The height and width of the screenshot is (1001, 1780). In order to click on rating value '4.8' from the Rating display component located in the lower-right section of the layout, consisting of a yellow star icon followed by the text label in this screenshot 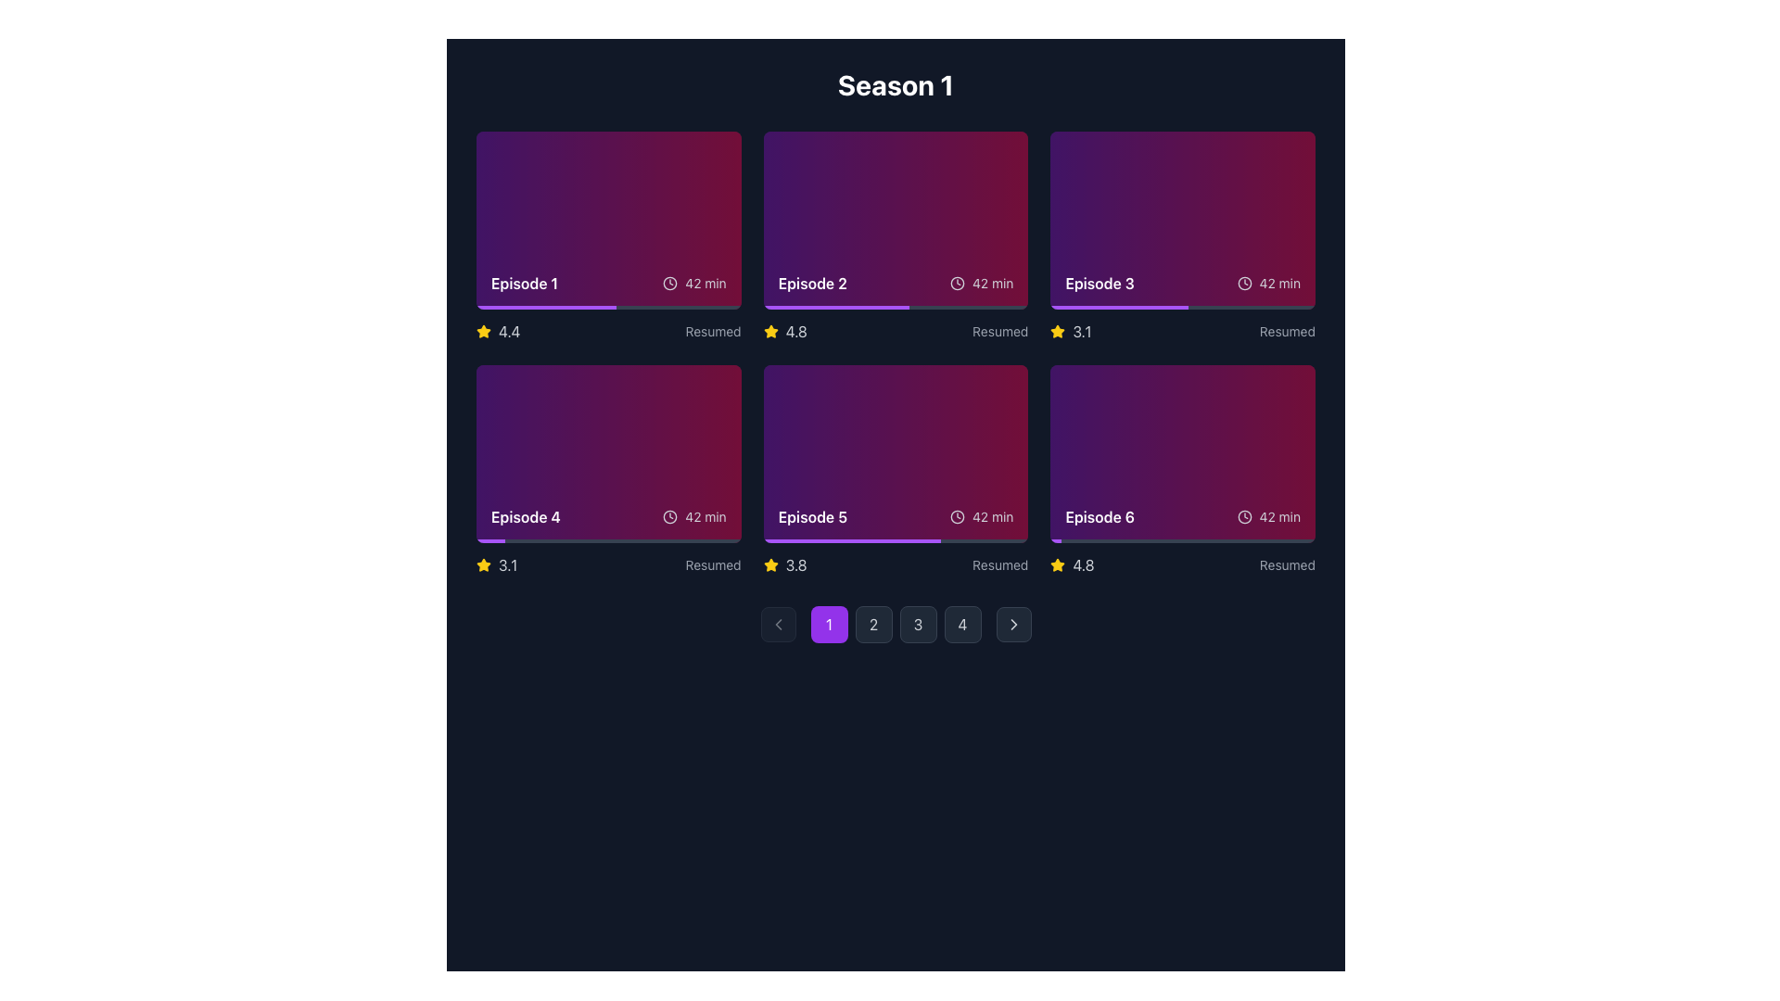, I will do `click(1072, 564)`.